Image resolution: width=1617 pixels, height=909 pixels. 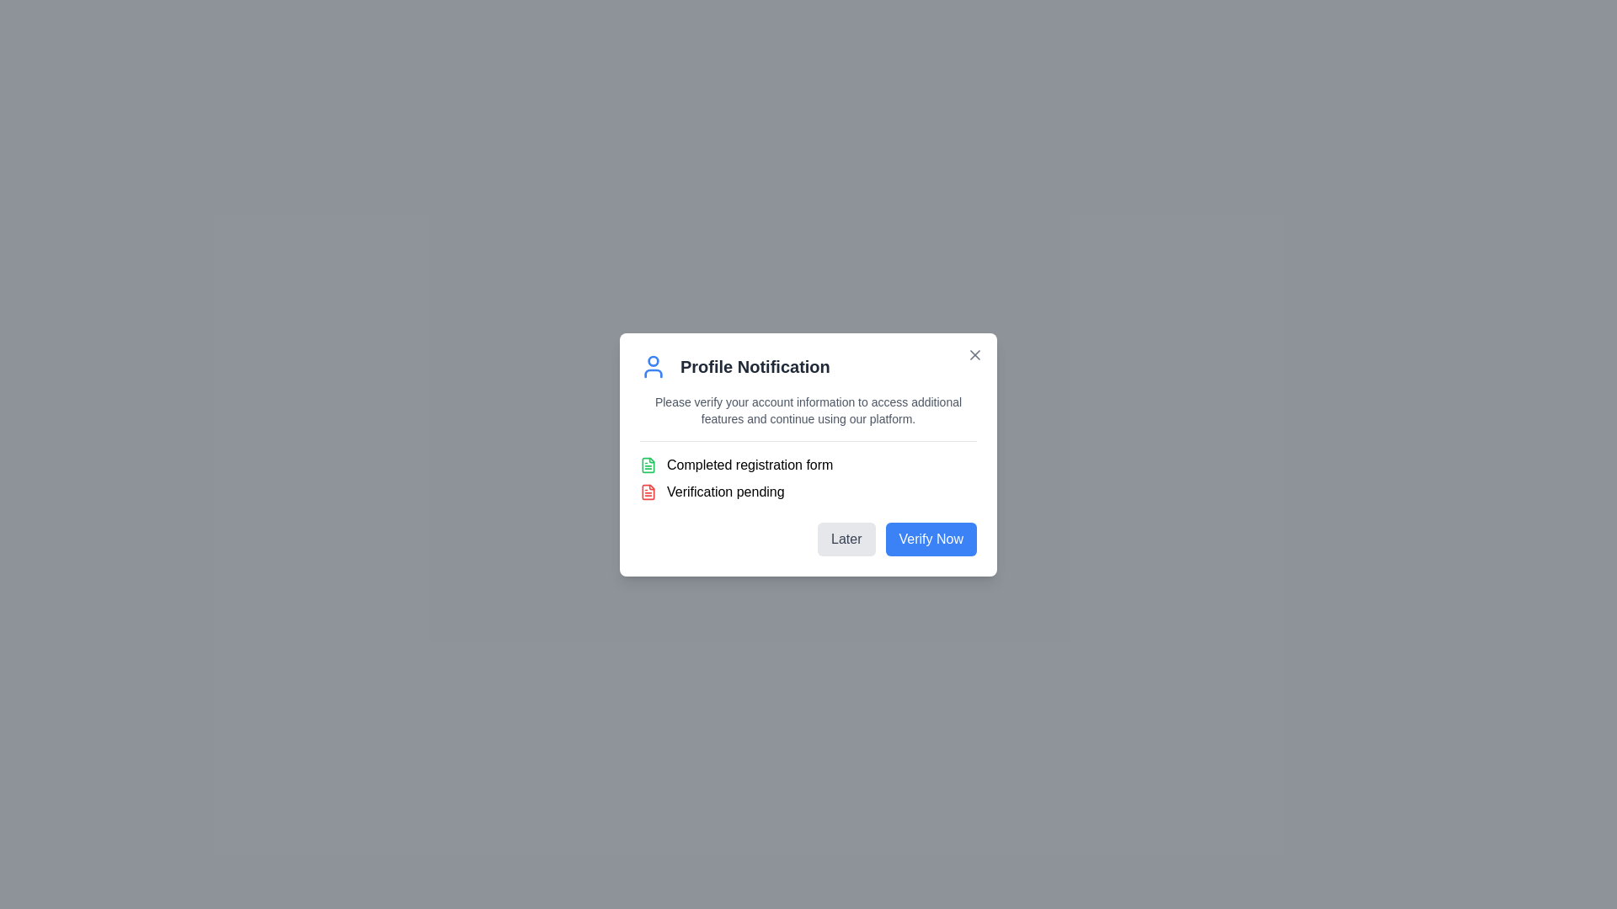 What do you see at coordinates (974, 353) in the screenshot?
I see `the close button graphical element located in the top-right corner of the dialog box, which is part of an 'X' icon used to dismiss the dialog` at bounding box center [974, 353].